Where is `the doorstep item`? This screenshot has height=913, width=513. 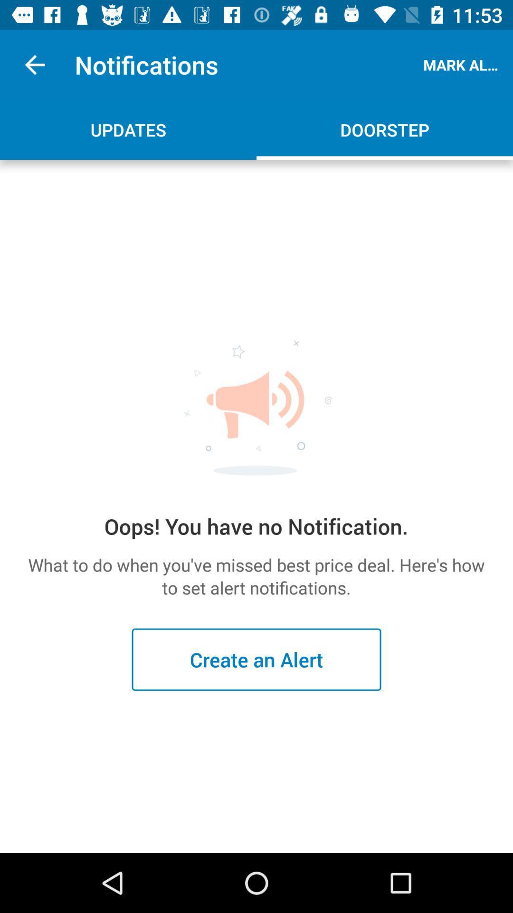 the doorstep item is located at coordinates (385, 129).